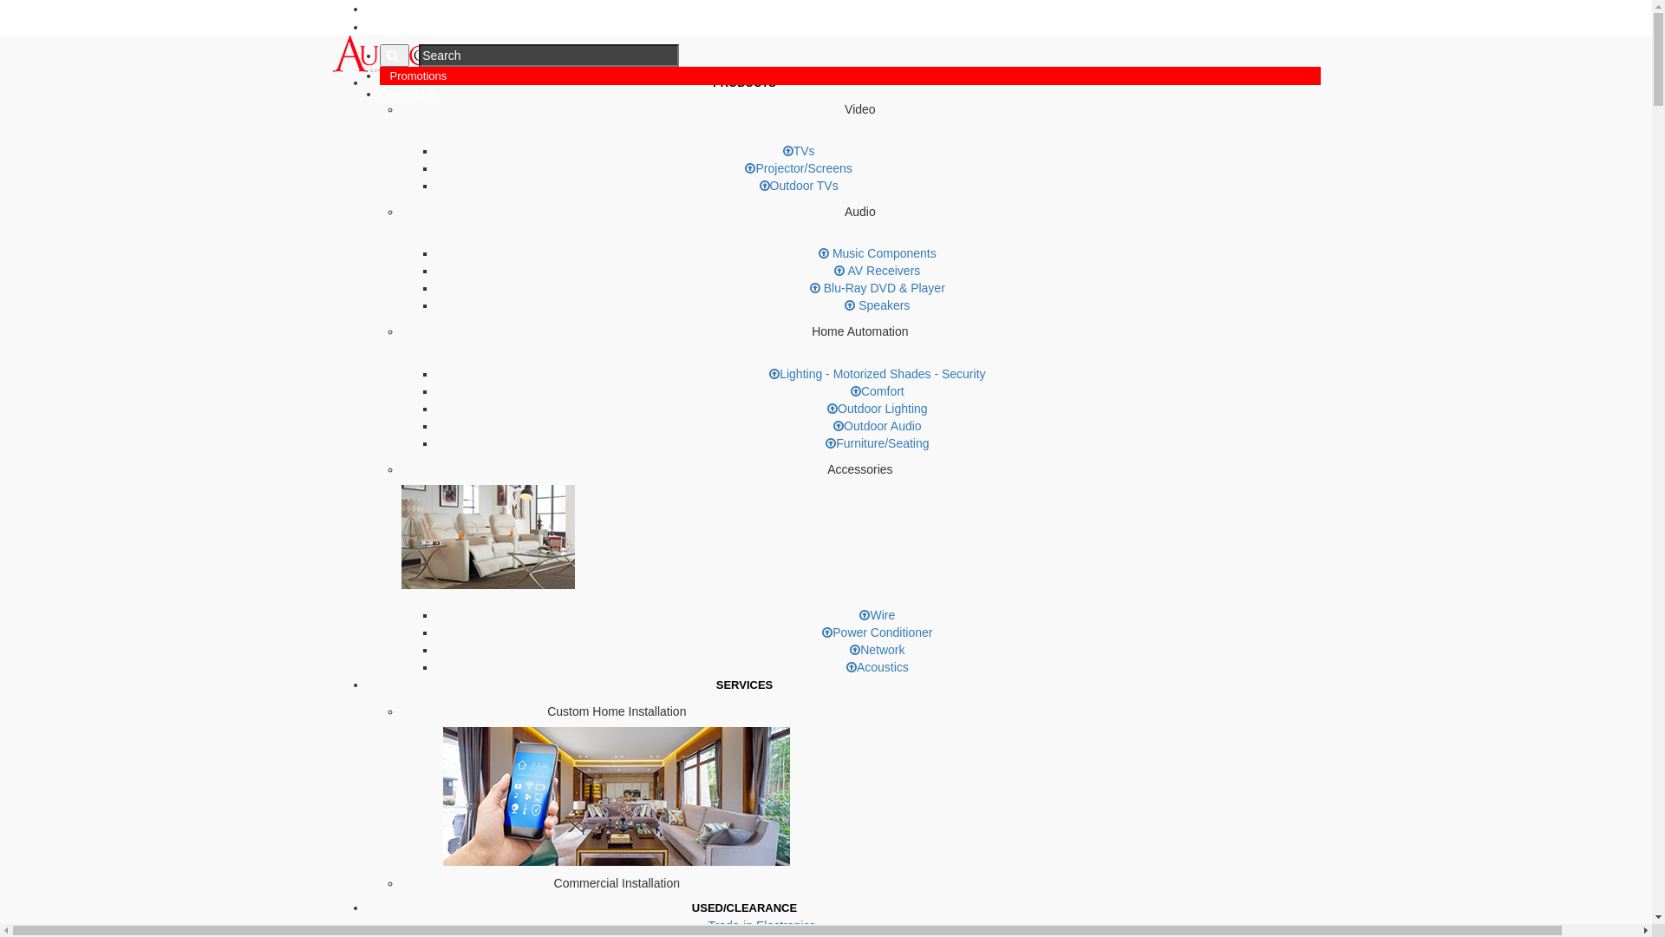  I want to click on 'Network', so click(877, 649).